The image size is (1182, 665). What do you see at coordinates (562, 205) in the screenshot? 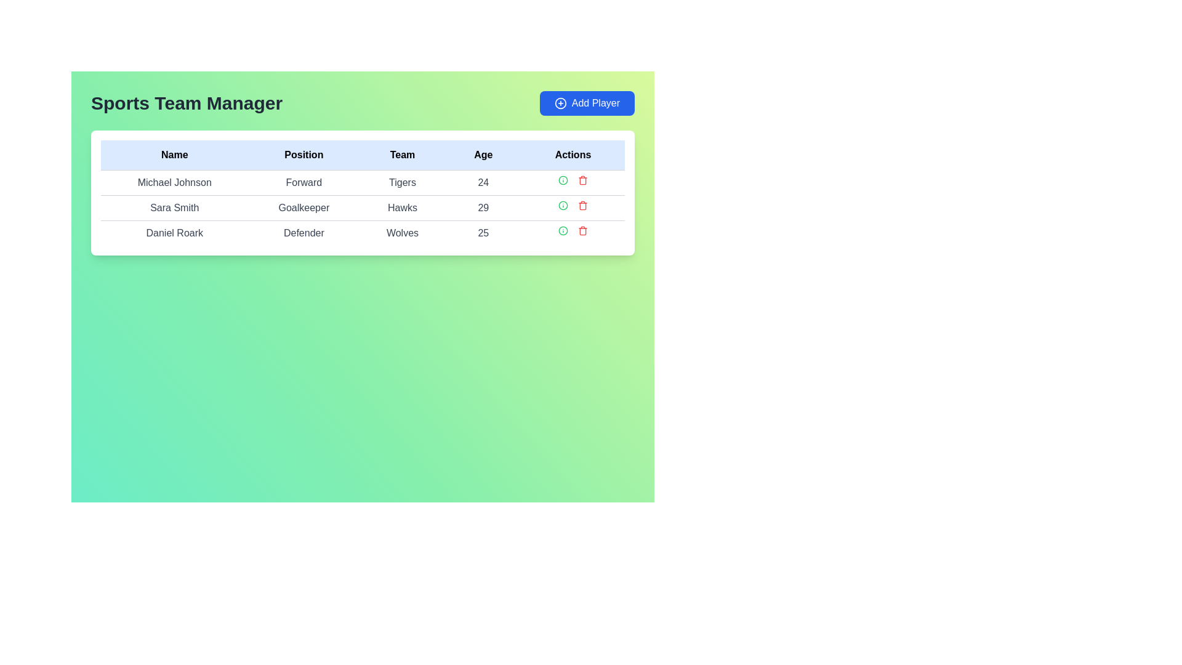
I see `SVG circle shape icon that represents information or help, located in the second row of the 'Actions' column near the delete action for 'Sara Smith'` at bounding box center [562, 205].